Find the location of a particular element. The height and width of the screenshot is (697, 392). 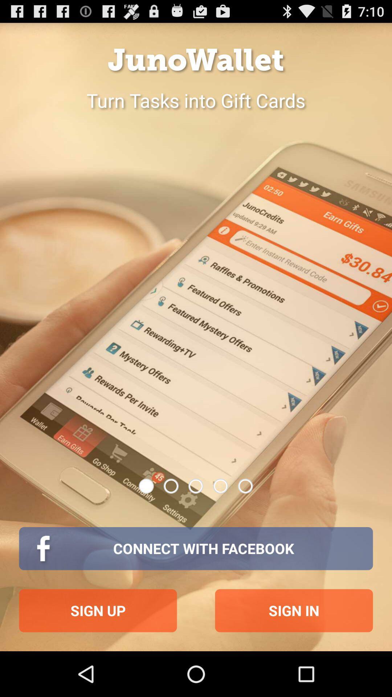

the connect with facebook button is located at coordinates (196, 549).